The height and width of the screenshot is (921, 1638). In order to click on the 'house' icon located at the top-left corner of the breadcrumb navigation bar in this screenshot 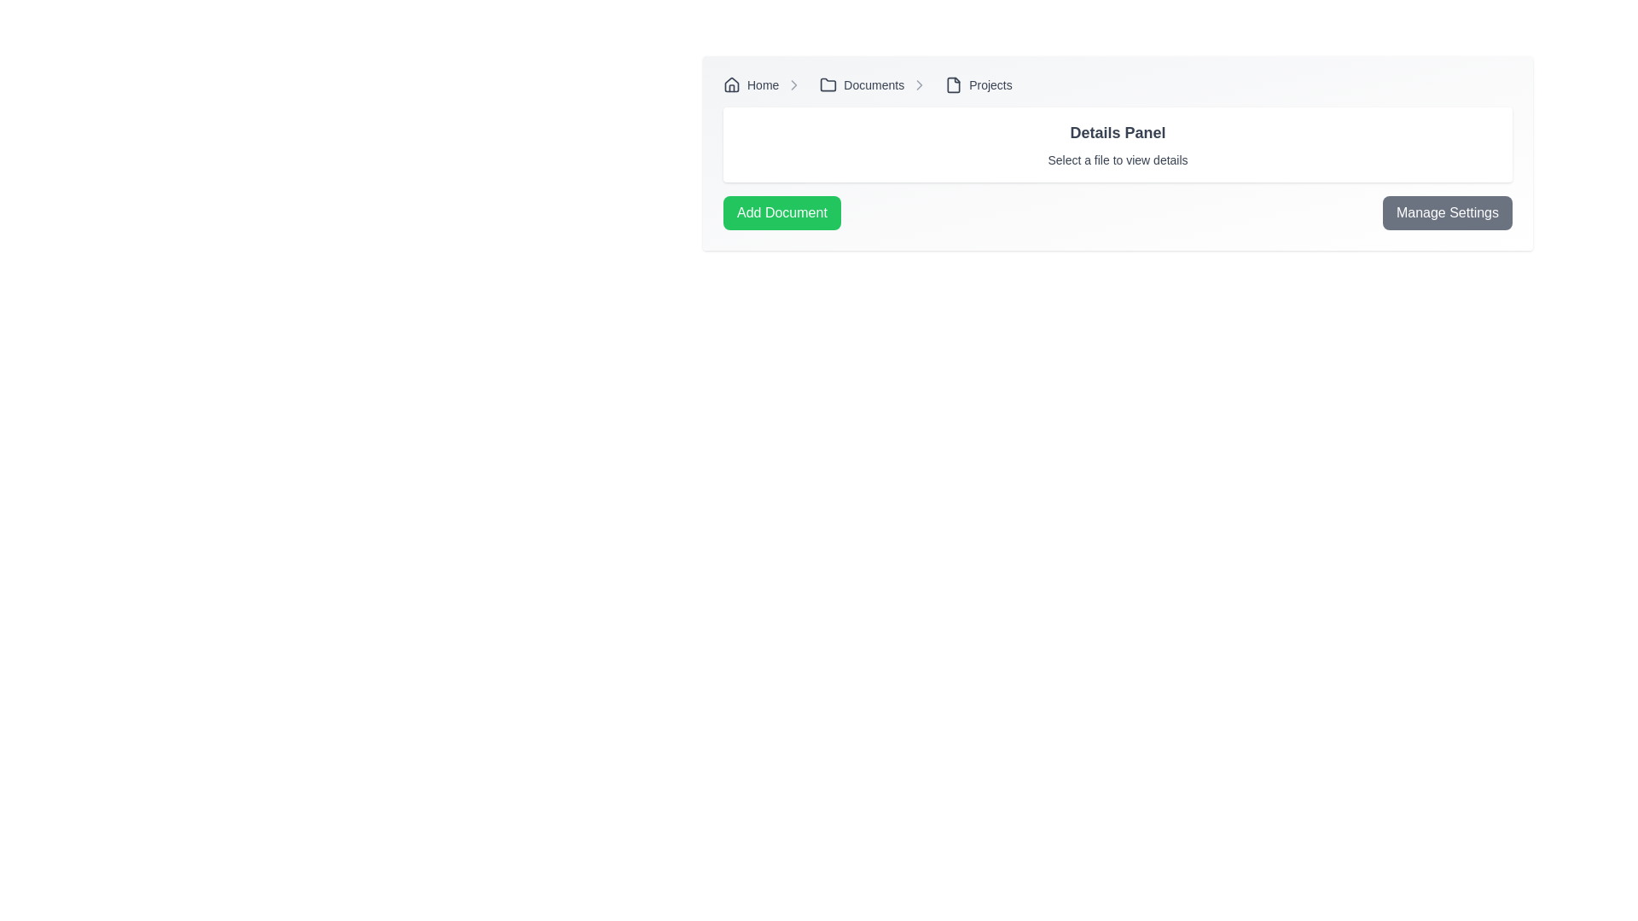, I will do `click(732, 84)`.